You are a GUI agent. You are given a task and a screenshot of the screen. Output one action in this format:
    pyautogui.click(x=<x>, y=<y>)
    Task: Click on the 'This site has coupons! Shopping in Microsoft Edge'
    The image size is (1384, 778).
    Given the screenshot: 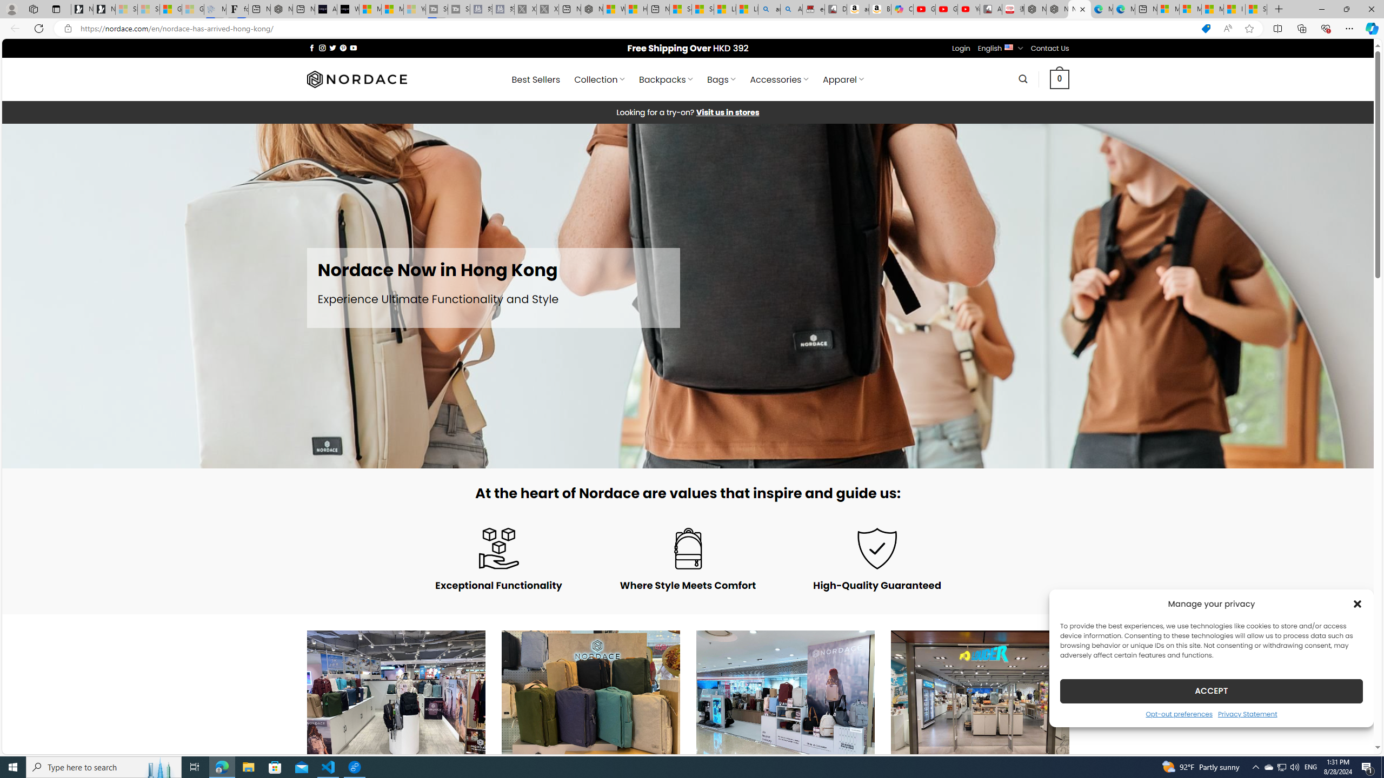 What is the action you would take?
    pyautogui.click(x=1206, y=29)
    